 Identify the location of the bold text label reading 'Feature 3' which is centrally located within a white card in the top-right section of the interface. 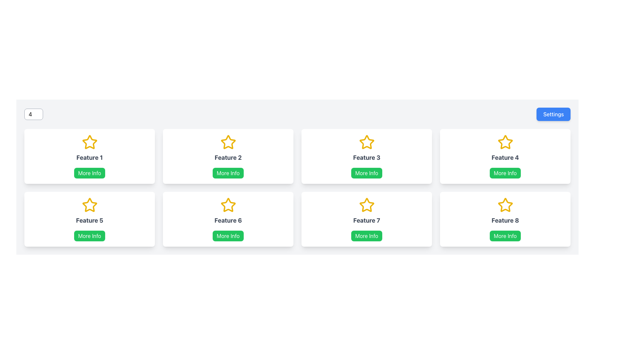
(366, 157).